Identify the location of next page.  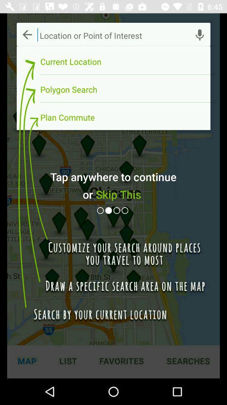
(117, 210).